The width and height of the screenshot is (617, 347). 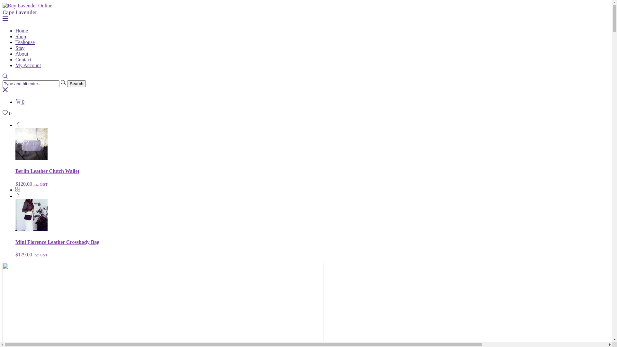 What do you see at coordinates (21, 36) in the screenshot?
I see `'Shop'` at bounding box center [21, 36].